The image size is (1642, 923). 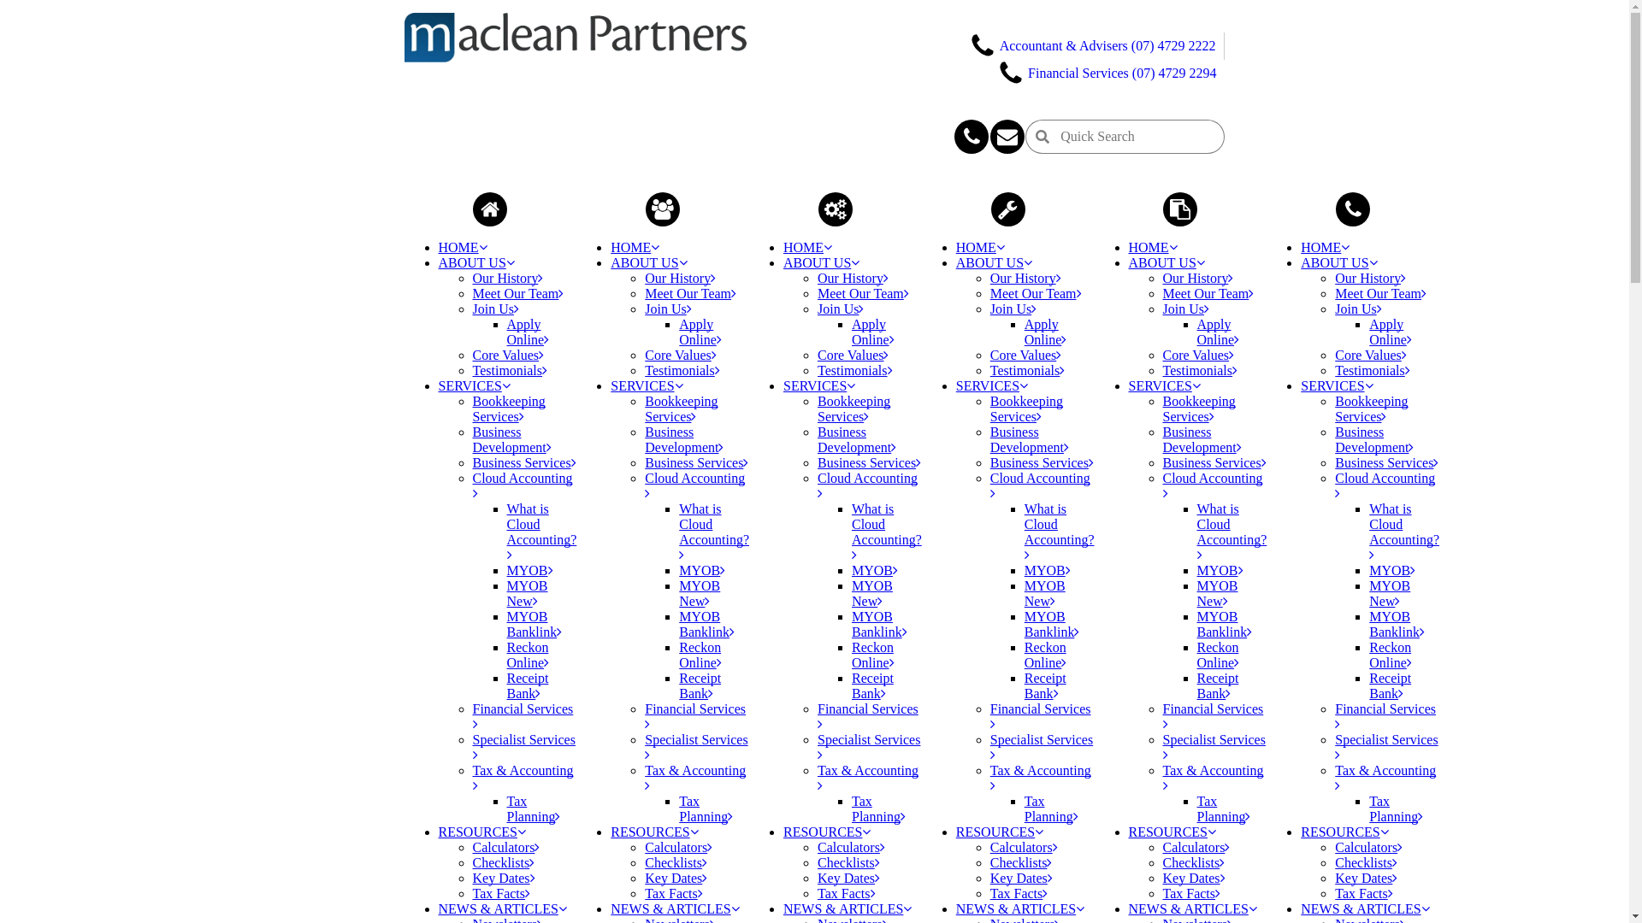 What do you see at coordinates (854, 369) in the screenshot?
I see `'Testimonials'` at bounding box center [854, 369].